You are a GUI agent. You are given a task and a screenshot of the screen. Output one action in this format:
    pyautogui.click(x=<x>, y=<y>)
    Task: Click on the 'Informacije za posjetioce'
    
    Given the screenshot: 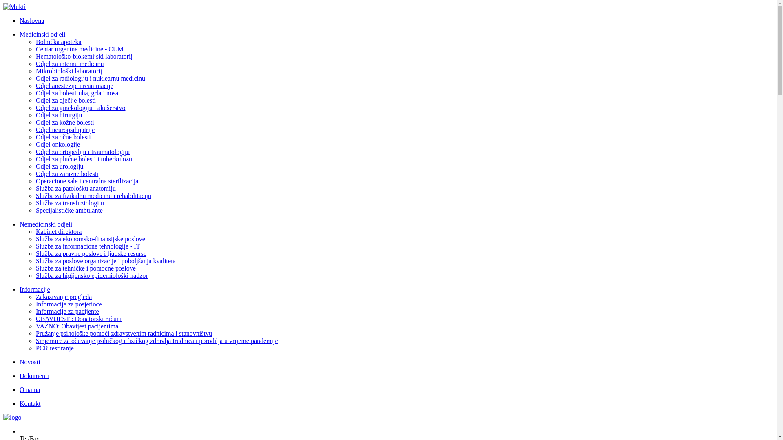 What is the action you would take?
    pyautogui.click(x=69, y=304)
    